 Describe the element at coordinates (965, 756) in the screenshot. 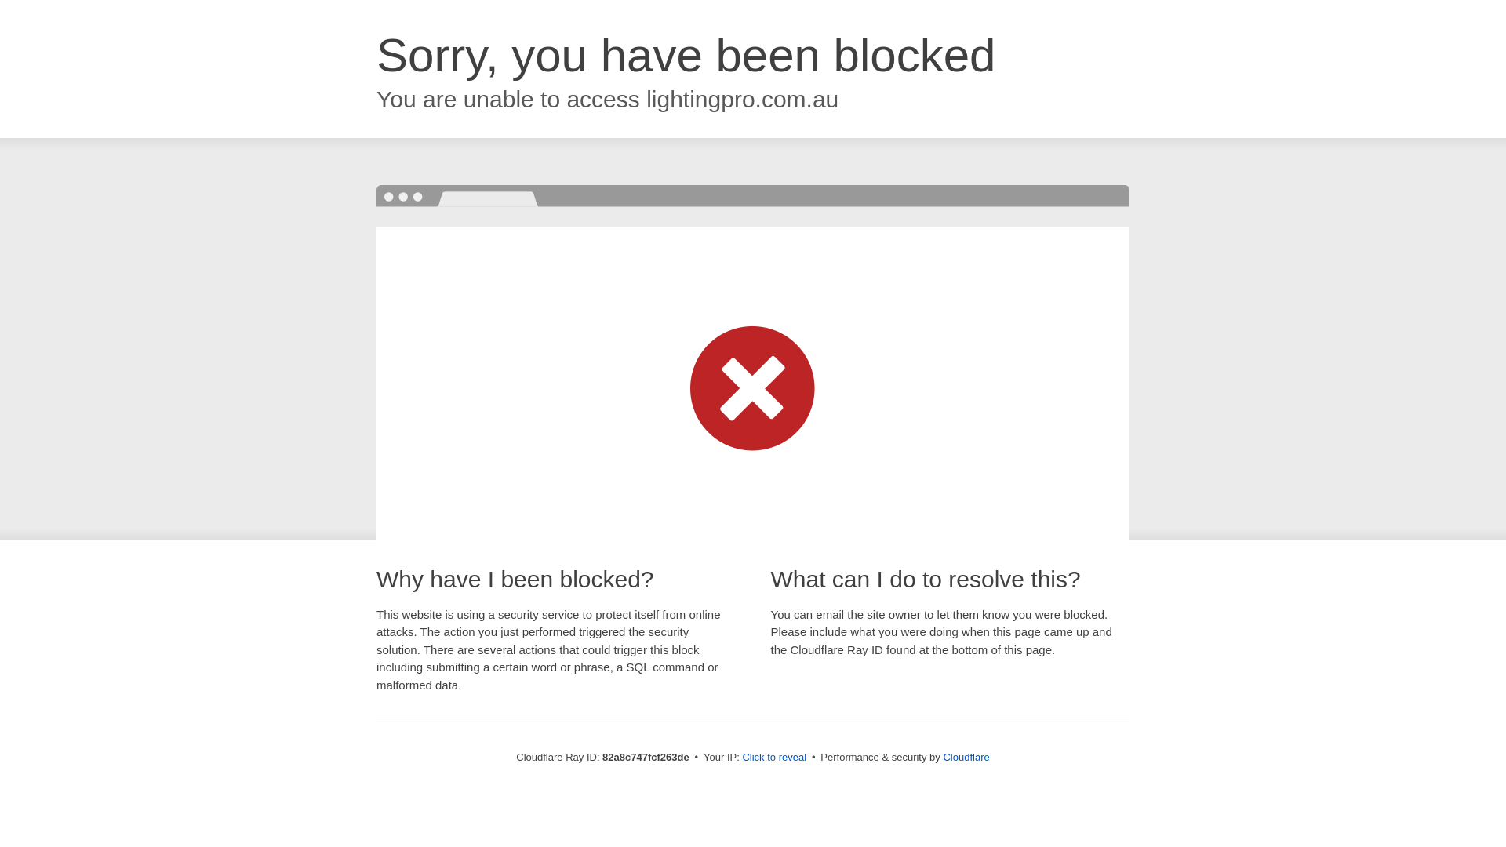

I see `'Cloudflare'` at that location.